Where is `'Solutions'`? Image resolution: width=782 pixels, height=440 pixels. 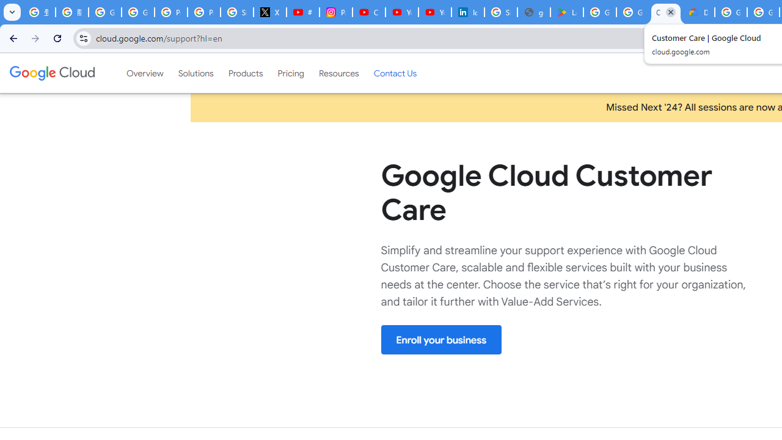
'Solutions' is located at coordinates (195, 73).